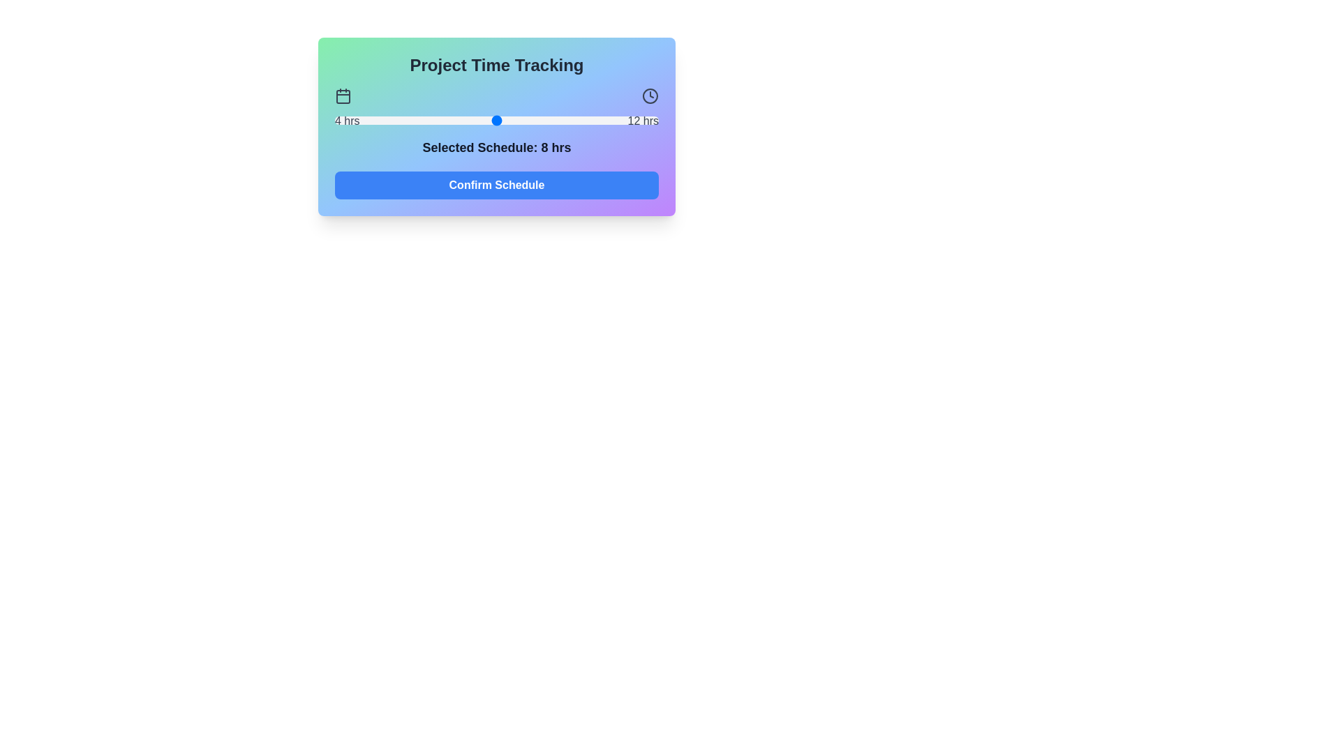 Image resolution: width=1340 pixels, height=753 pixels. What do you see at coordinates (649, 96) in the screenshot?
I see `the clock icon to interact with it` at bounding box center [649, 96].